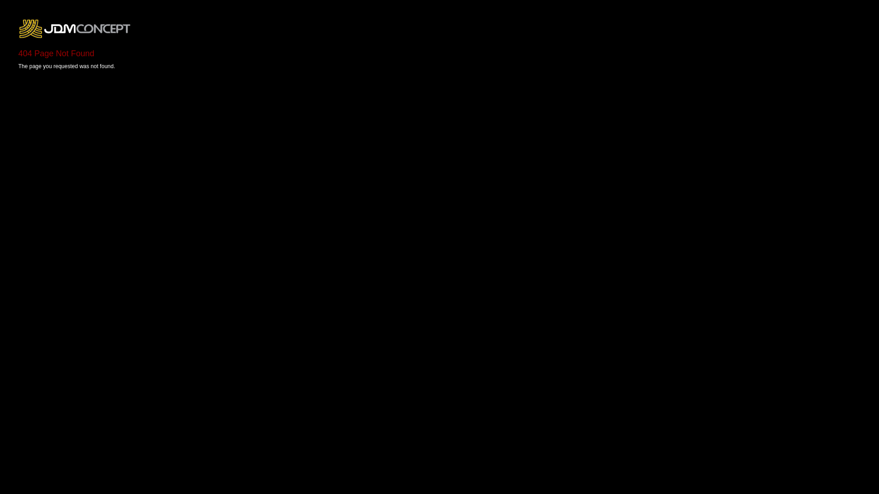 Image resolution: width=879 pixels, height=494 pixels. I want to click on 'Jdmconcept', so click(75, 28).